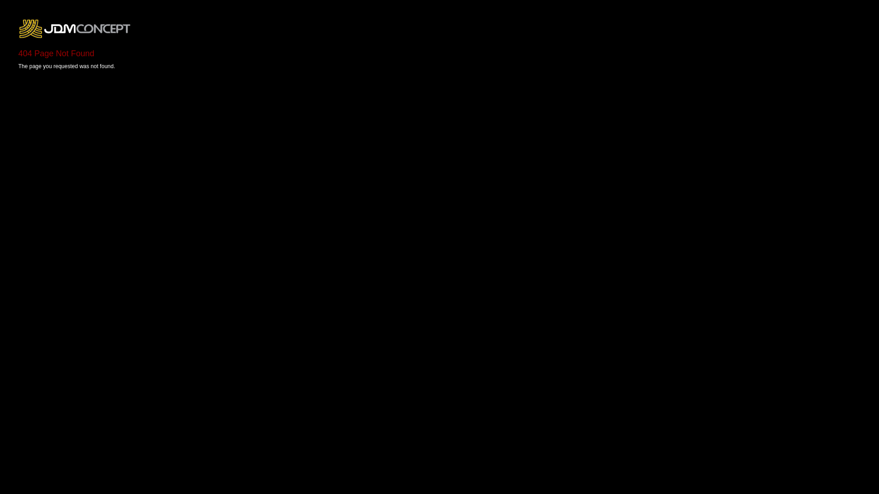 Image resolution: width=879 pixels, height=494 pixels. I want to click on 'Jdmconcept', so click(75, 28).